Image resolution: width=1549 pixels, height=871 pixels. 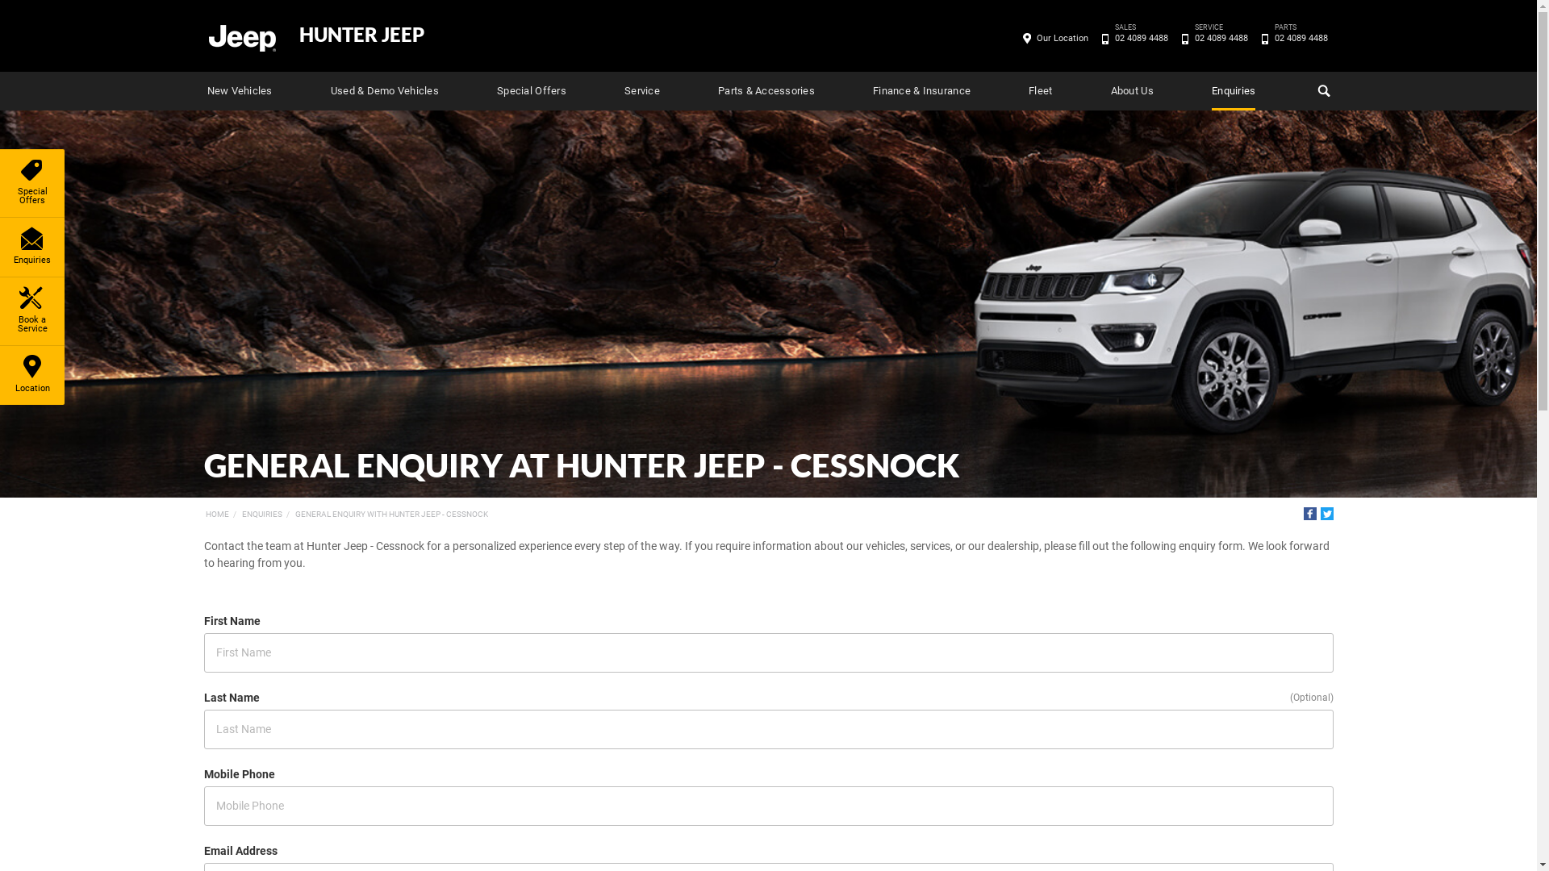 What do you see at coordinates (1233, 90) in the screenshot?
I see `'Enquiries'` at bounding box center [1233, 90].